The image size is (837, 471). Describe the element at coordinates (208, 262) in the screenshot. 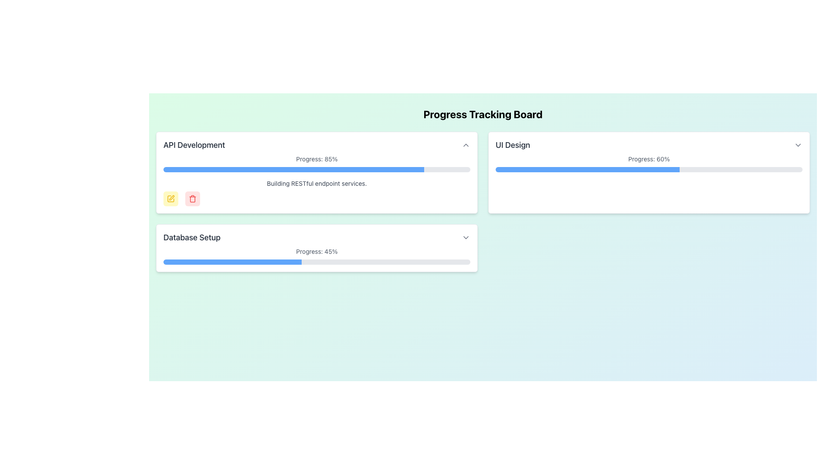

I see `the progress bar` at that location.